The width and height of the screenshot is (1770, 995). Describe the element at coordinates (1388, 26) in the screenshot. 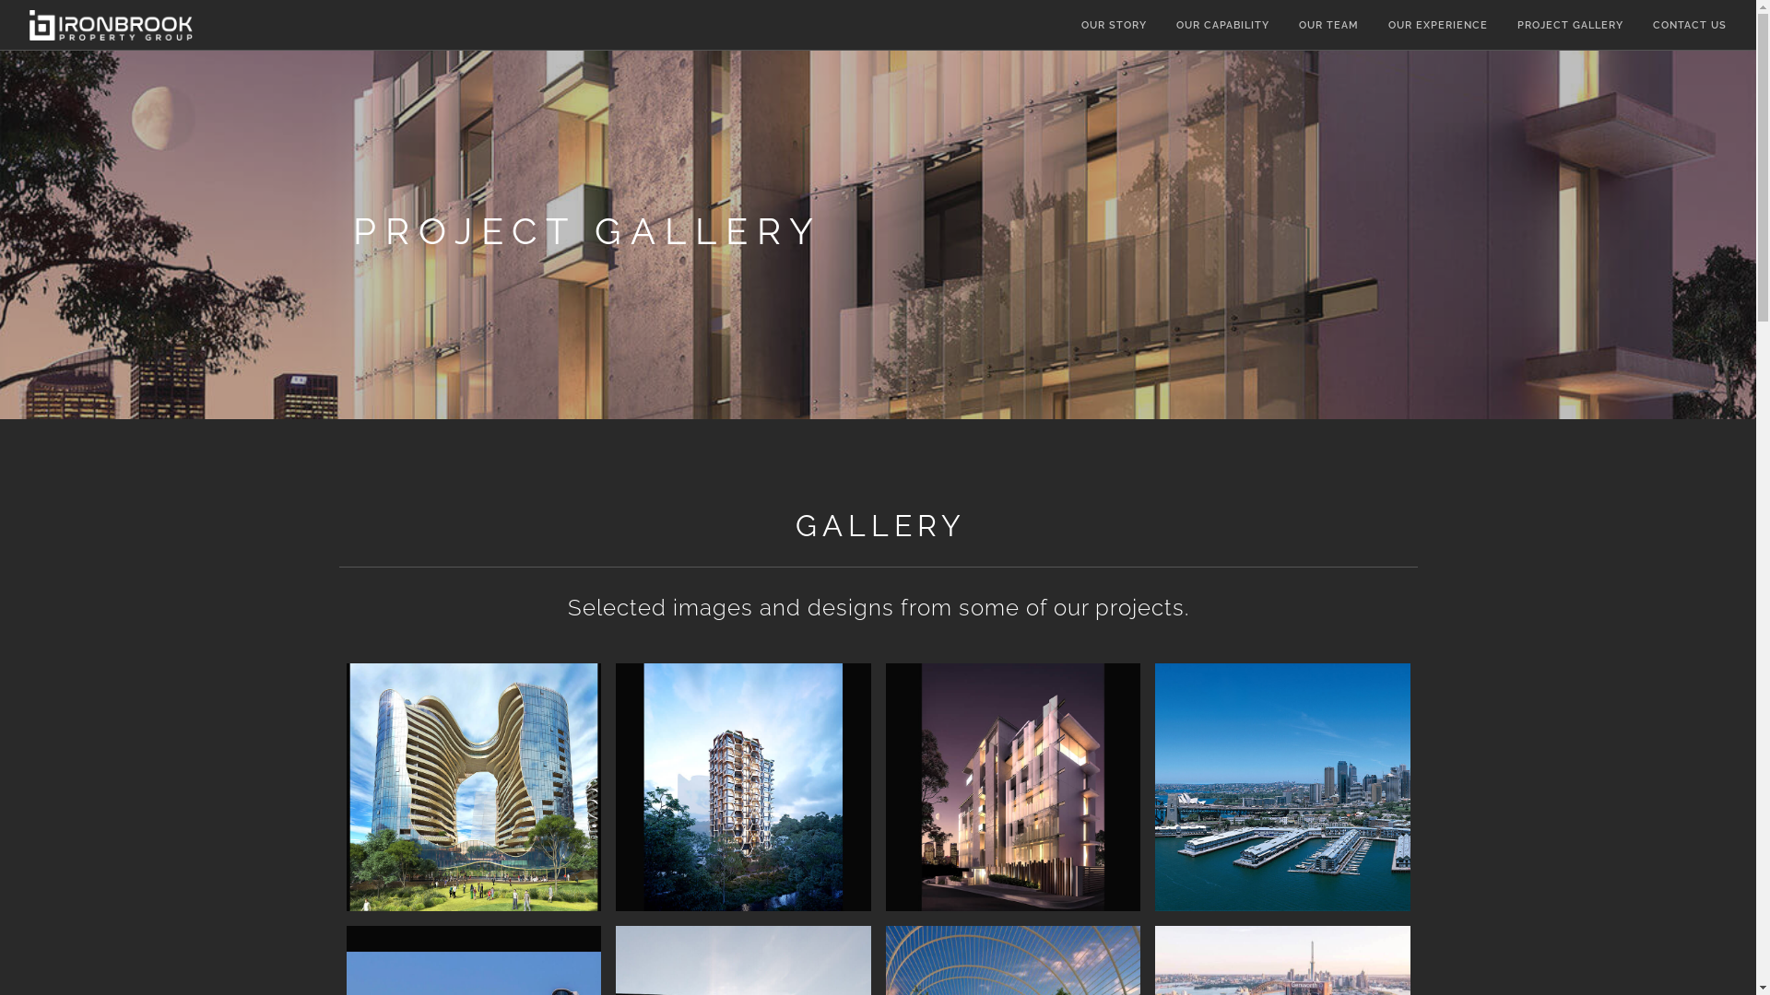

I see `'OUR EXPERIENCE'` at that location.